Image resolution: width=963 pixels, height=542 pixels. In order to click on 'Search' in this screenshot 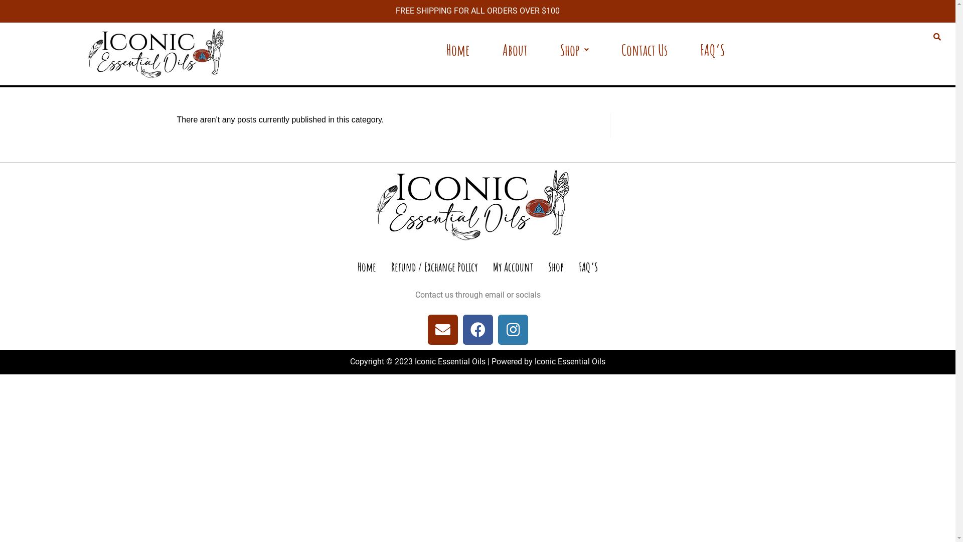, I will do `click(935, 37)`.